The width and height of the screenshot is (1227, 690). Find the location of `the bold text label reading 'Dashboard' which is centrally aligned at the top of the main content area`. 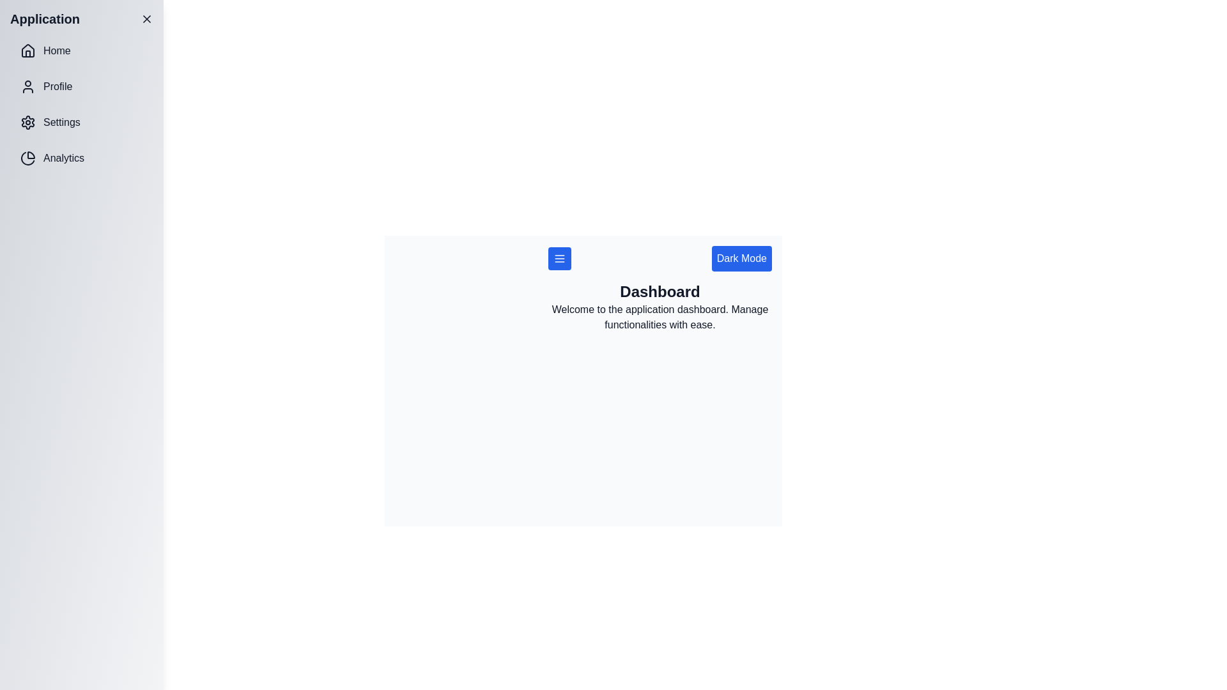

the bold text label reading 'Dashboard' which is centrally aligned at the top of the main content area is located at coordinates (660, 291).